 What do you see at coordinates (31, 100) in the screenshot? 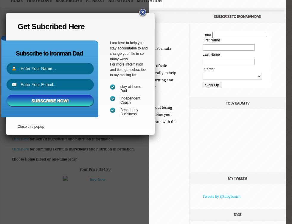
I see `'Subscribe Now!'` at bounding box center [31, 100].